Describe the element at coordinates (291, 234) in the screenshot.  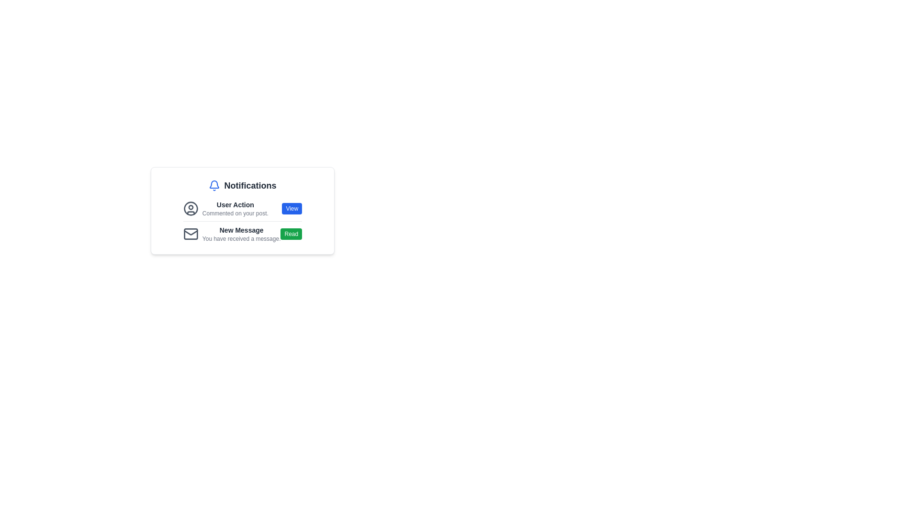
I see `the button` at that location.